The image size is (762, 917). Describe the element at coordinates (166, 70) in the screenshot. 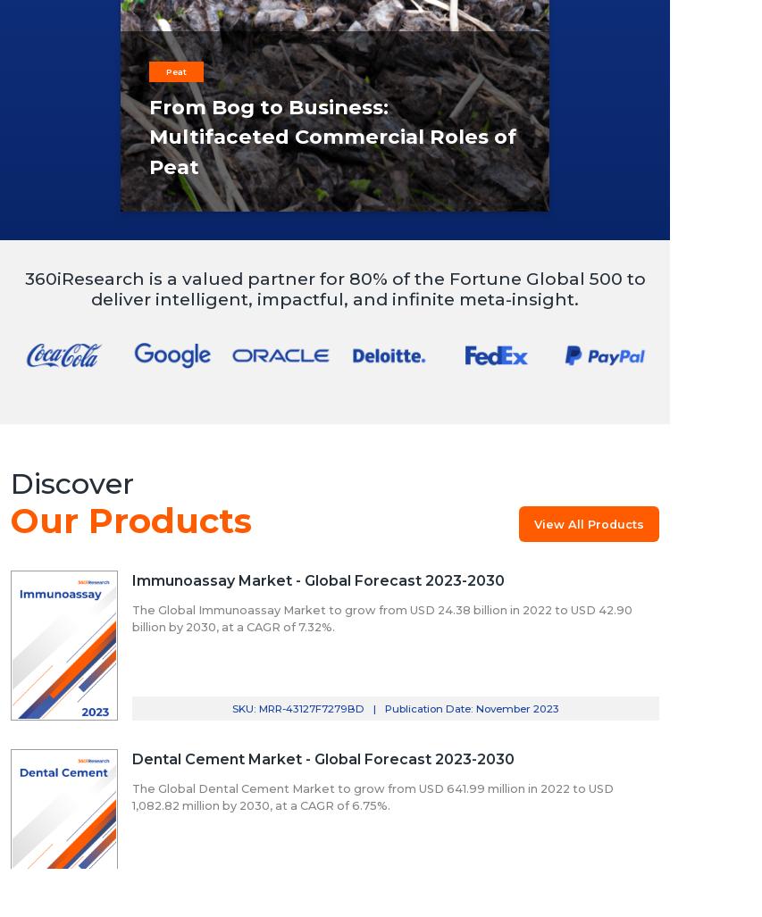

I see `'Peat'` at that location.